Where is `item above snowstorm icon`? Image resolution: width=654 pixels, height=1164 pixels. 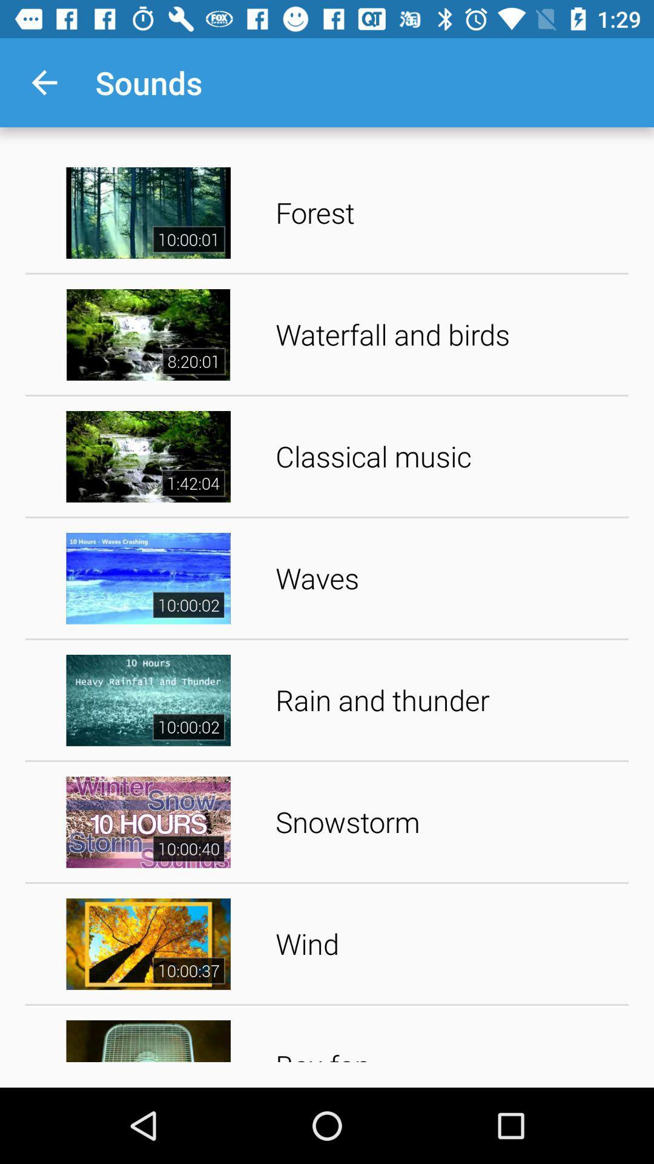
item above snowstorm icon is located at coordinates (448, 700).